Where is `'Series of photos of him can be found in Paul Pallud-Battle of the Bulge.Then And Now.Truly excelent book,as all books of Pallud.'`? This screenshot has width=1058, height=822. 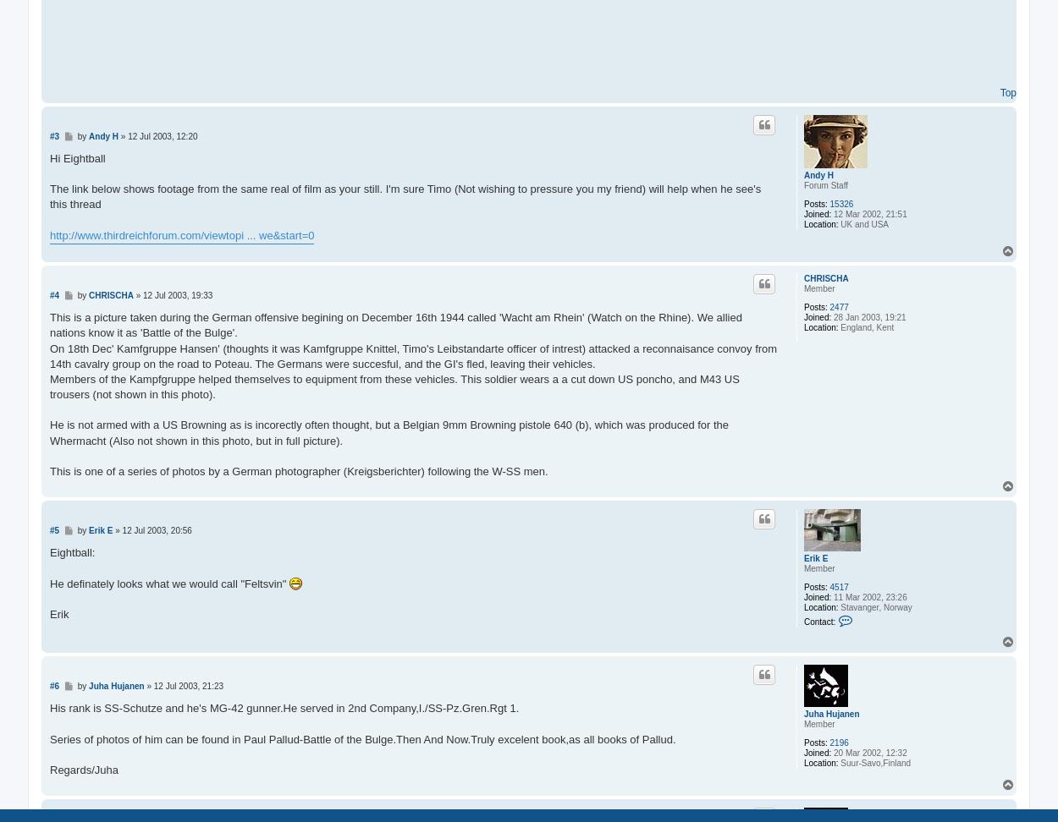 'Series of photos of him can be found in Paul Pallud-Battle of the Bulge.Then And Now.Truly excelent book,as all books of Pallud.' is located at coordinates (362, 738).